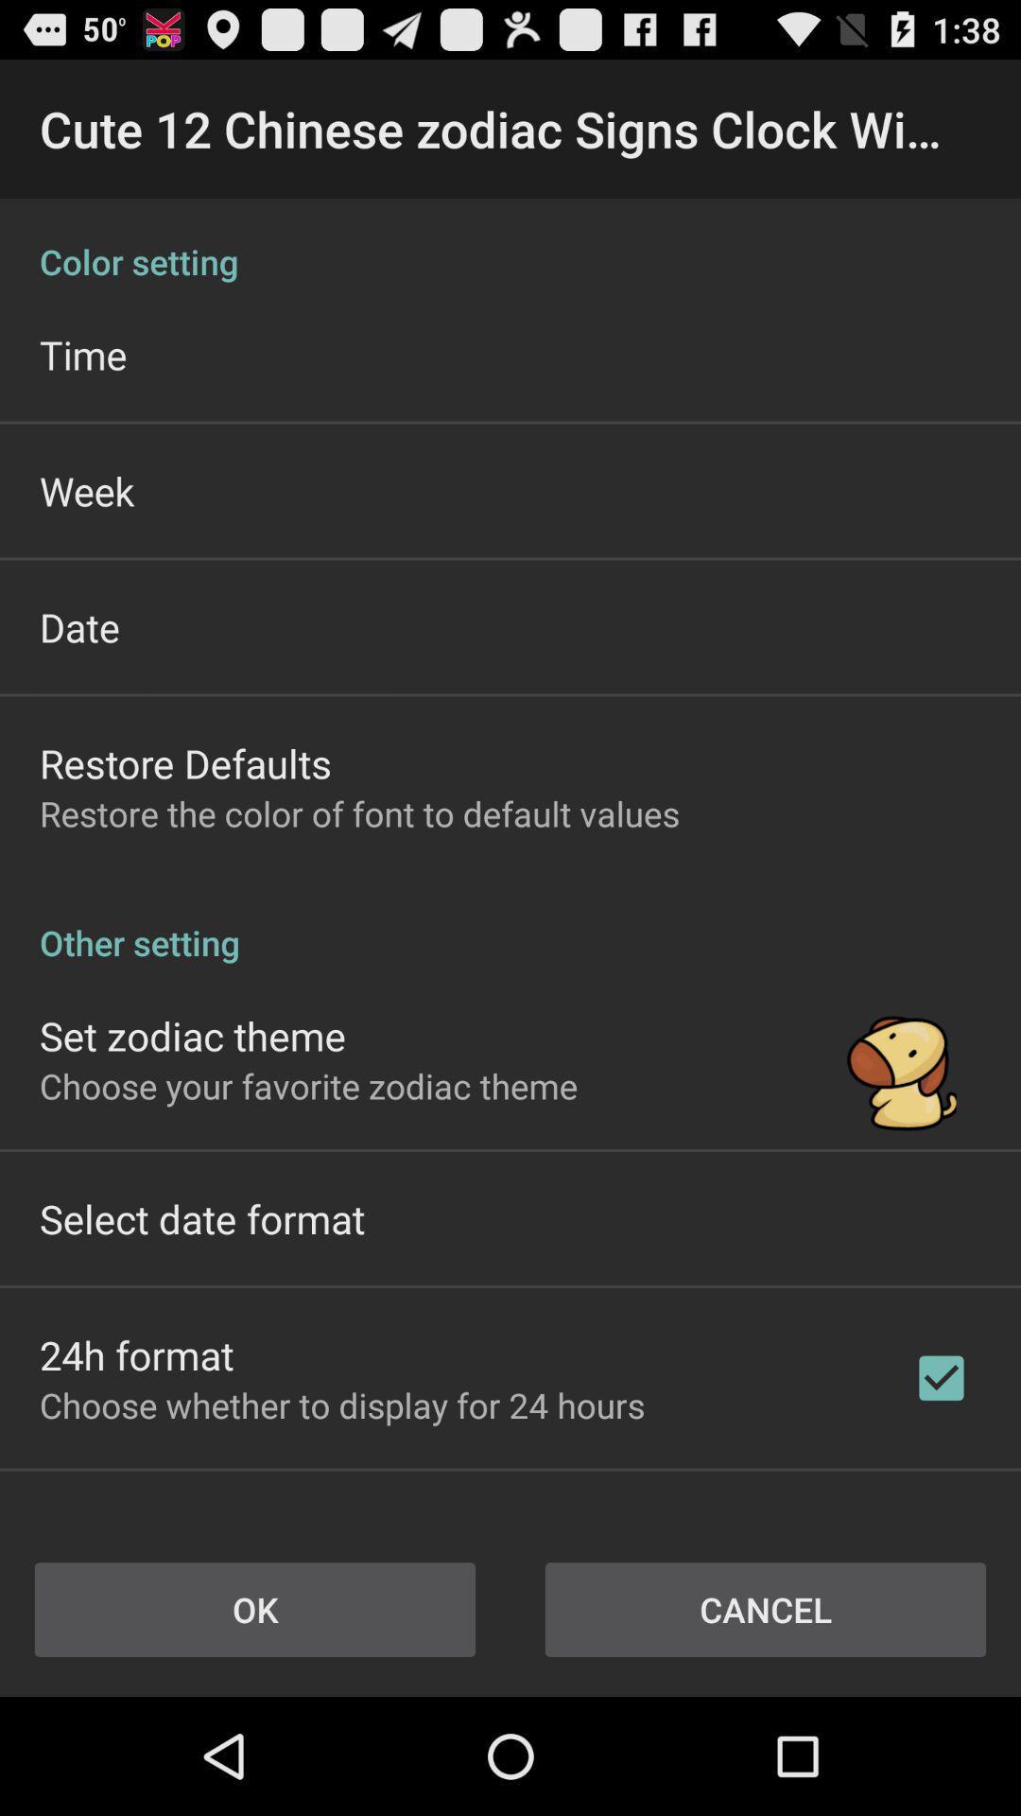 The height and width of the screenshot is (1816, 1021). What do you see at coordinates (185, 762) in the screenshot?
I see `the app above restore the color icon` at bounding box center [185, 762].